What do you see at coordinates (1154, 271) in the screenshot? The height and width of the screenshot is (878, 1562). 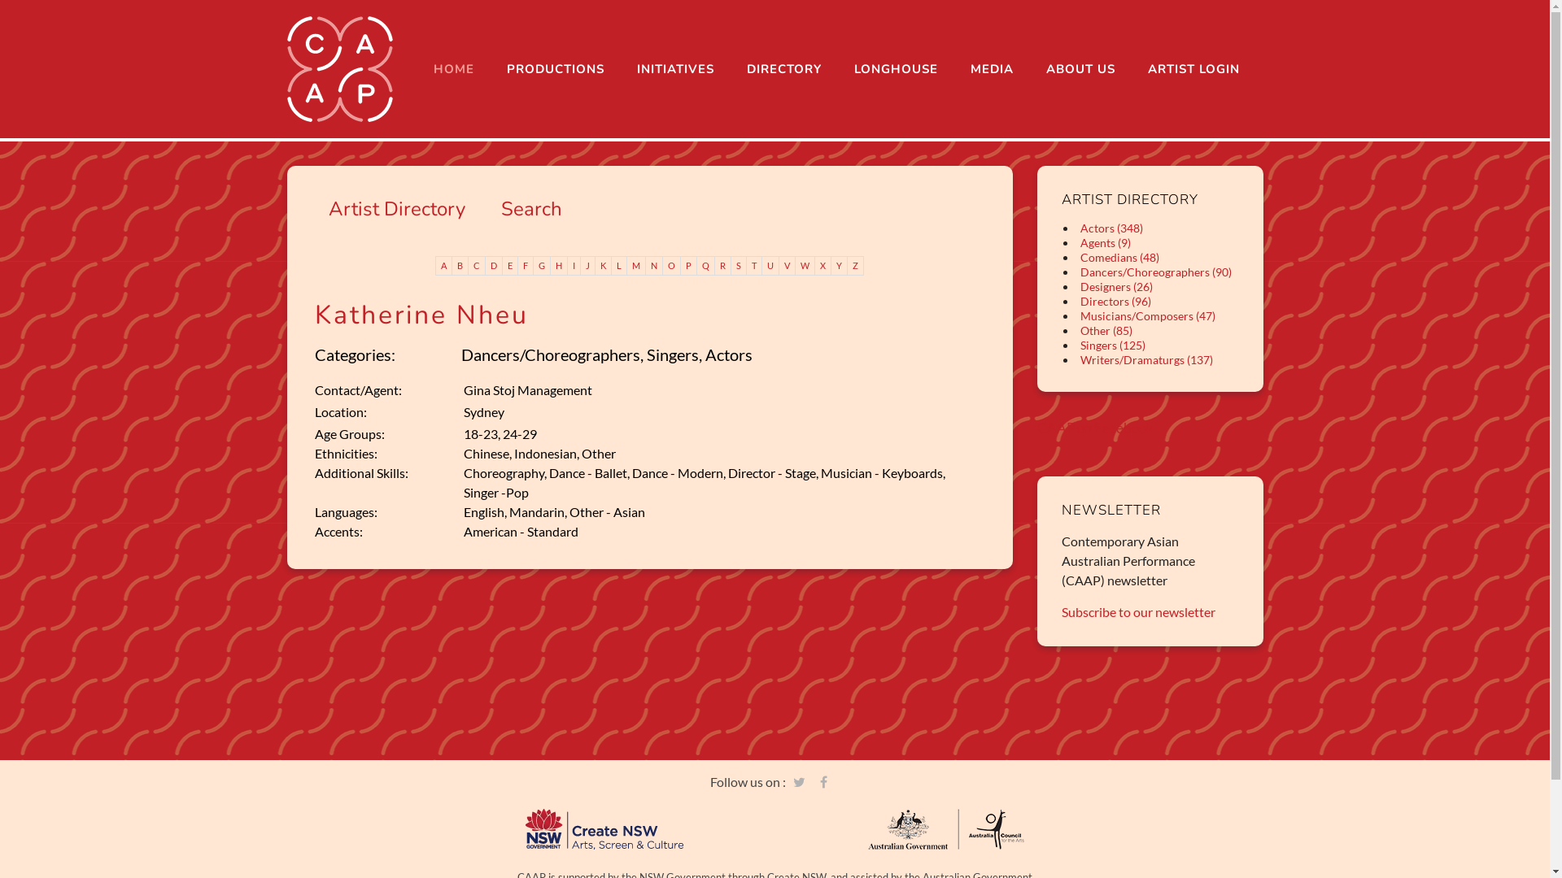 I see `'Dancers/Choreographers (90)'` at bounding box center [1154, 271].